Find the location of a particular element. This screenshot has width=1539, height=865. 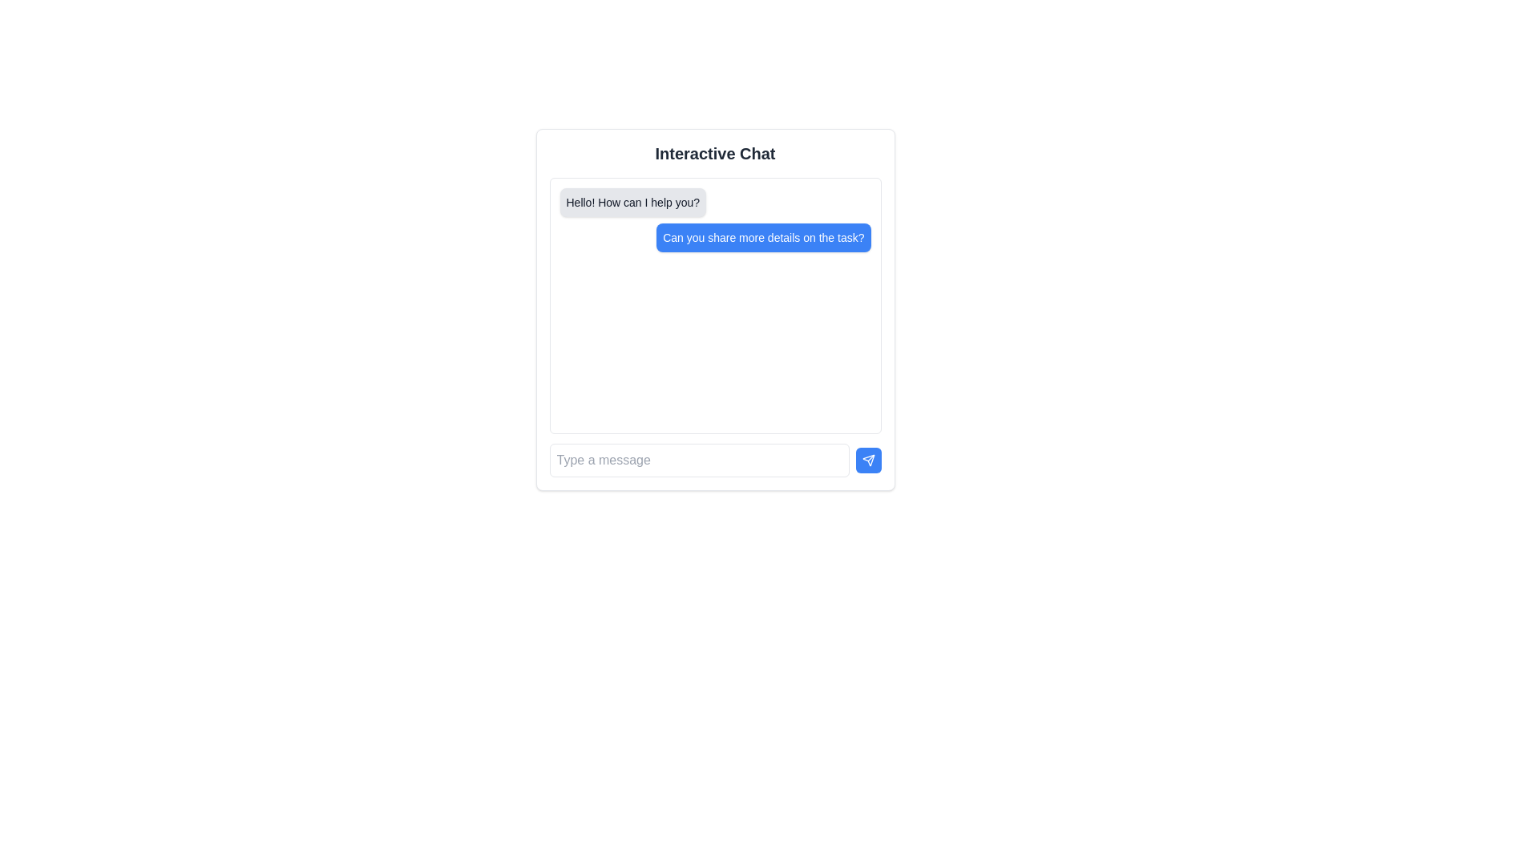

the first message bubble in the chat interface that displays a system-generated response is located at coordinates (632, 202).